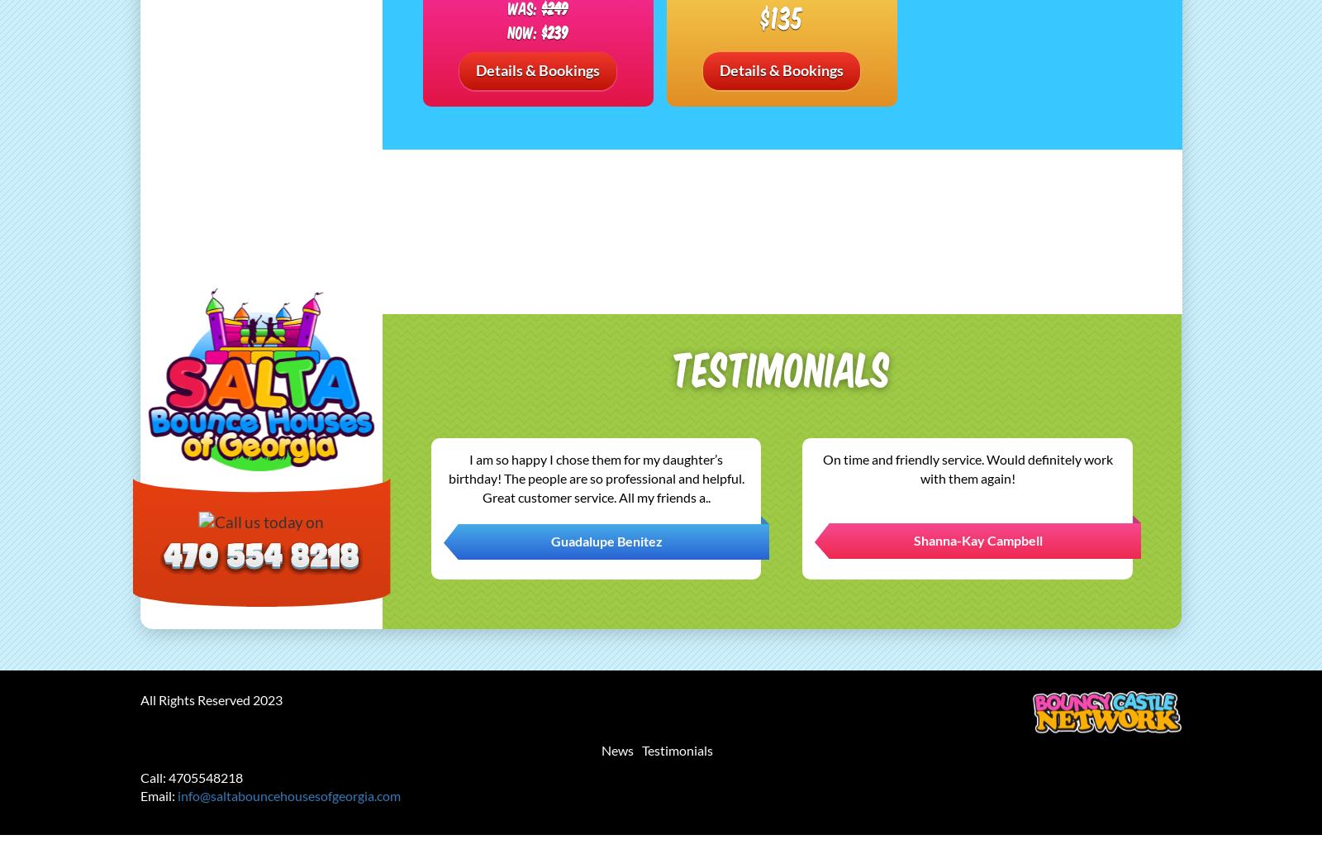  I want to click on 'Call: 4705548218', so click(139, 775).